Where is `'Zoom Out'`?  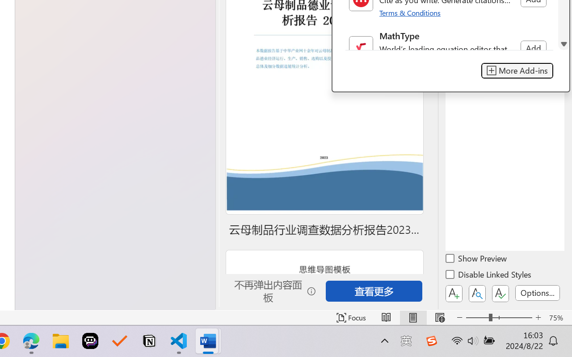 'Zoom Out' is located at coordinates (477, 317).